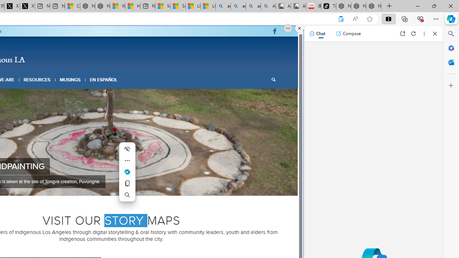 The height and width of the screenshot is (258, 459). Describe the element at coordinates (127, 160) in the screenshot. I see `'More actions'` at that location.